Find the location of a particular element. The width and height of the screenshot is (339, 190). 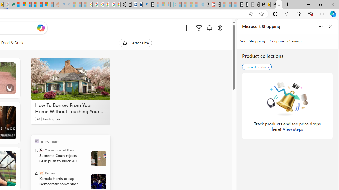

'Personalize' is located at coordinates (136, 43).